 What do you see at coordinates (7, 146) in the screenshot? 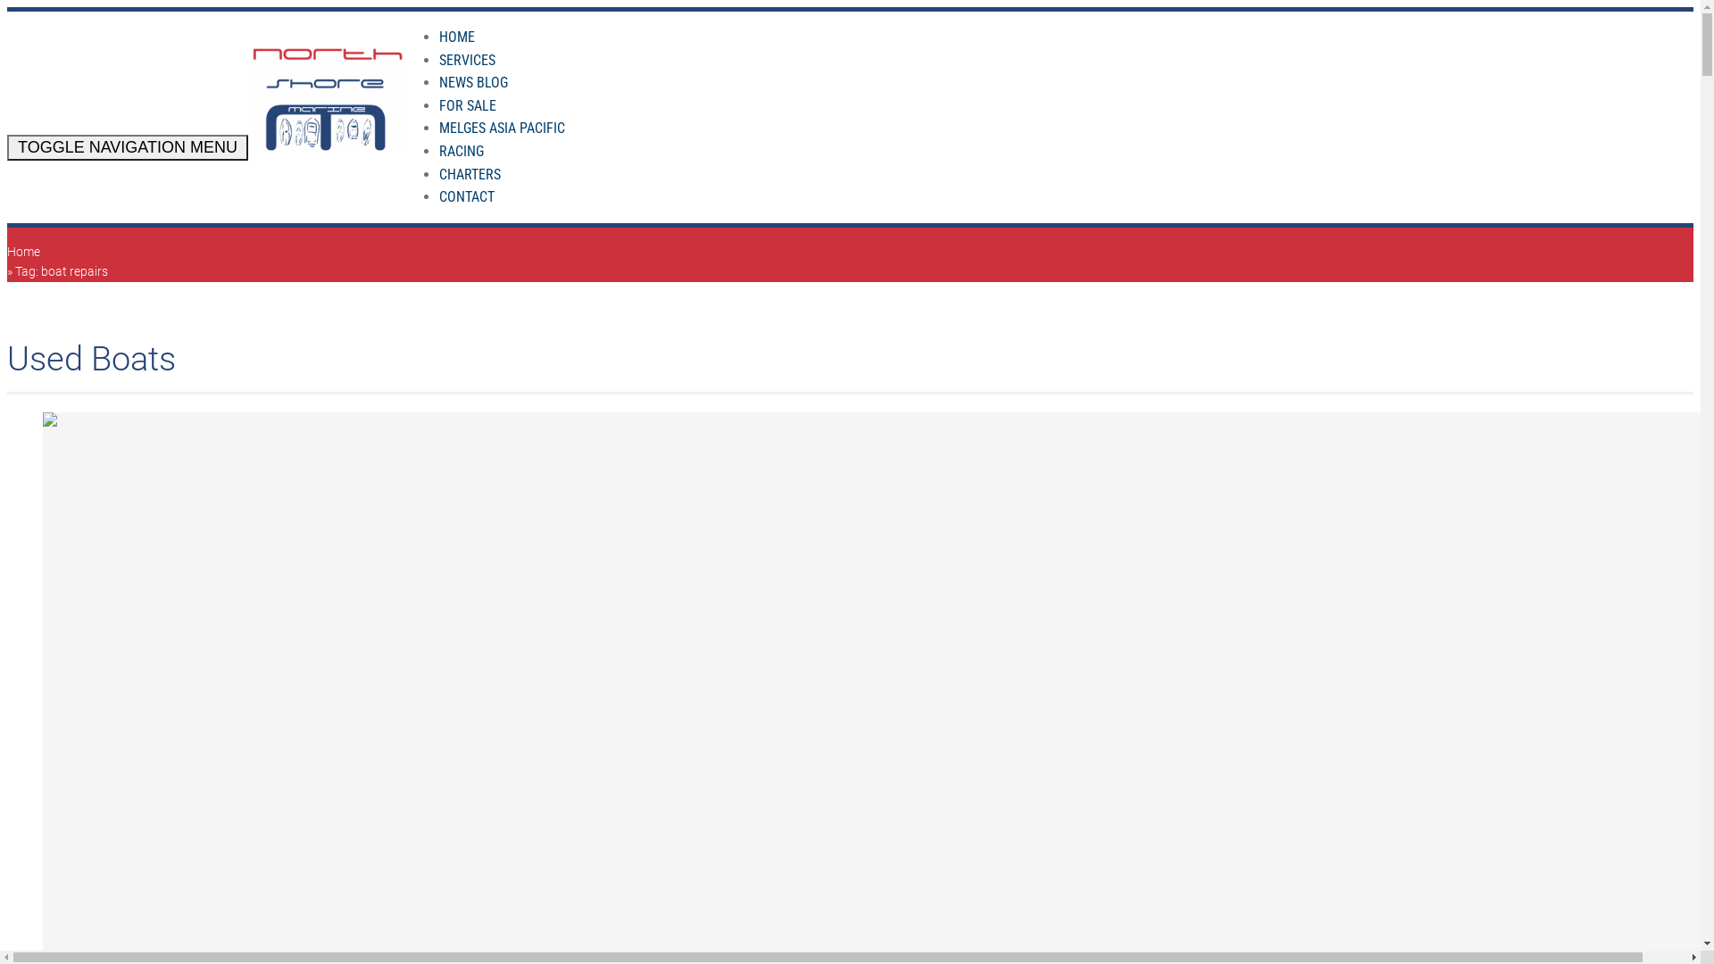
I see `'TOGGLE NAVIGATION MENU'` at bounding box center [7, 146].